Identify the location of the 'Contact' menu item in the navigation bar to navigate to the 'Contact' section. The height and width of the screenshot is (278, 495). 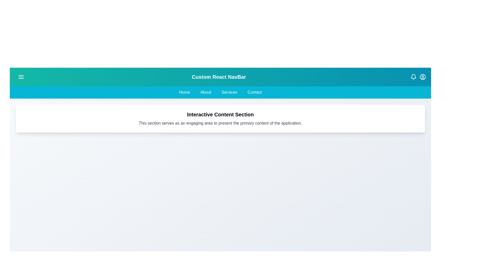
(254, 92).